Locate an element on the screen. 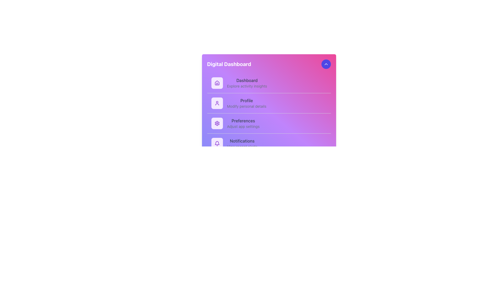 This screenshot has height=283, width=503. the settings gear icon with a soft purple background located in the leftmost section of the 'Preferences' menu option, which is the third item in the menu list is located at coordinates (217, 123).